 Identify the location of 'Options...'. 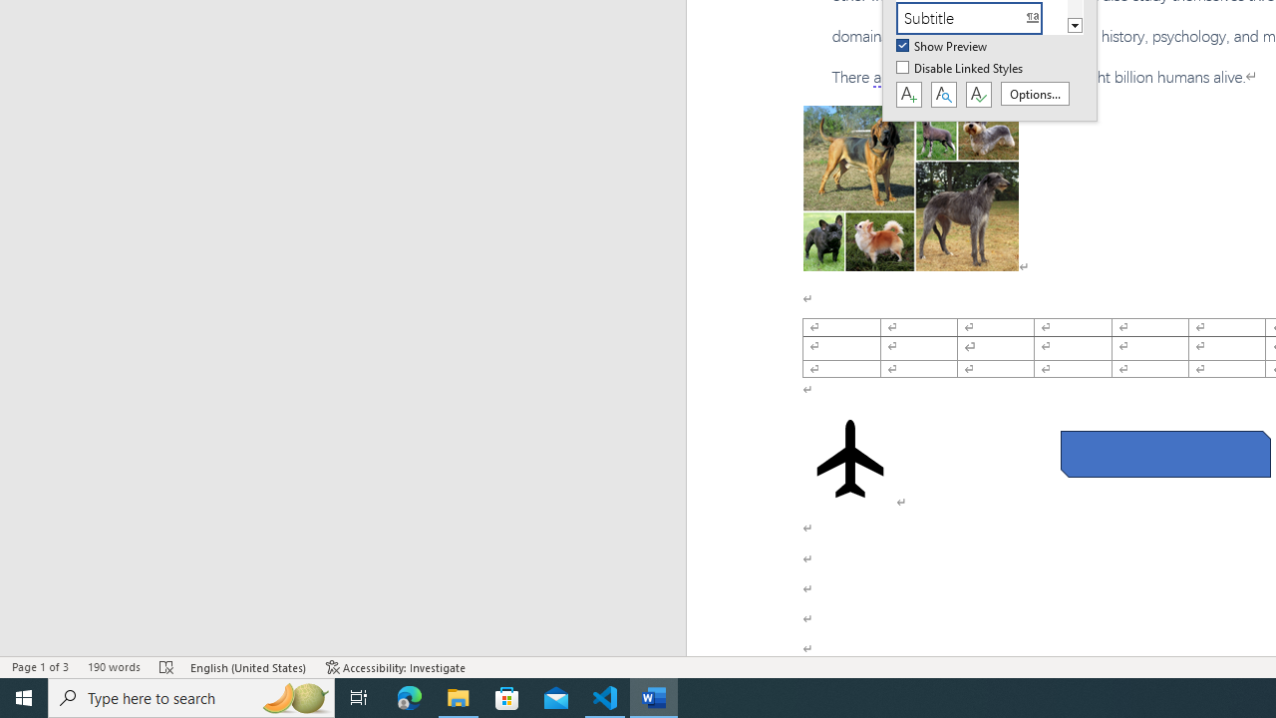
(1035, 93).